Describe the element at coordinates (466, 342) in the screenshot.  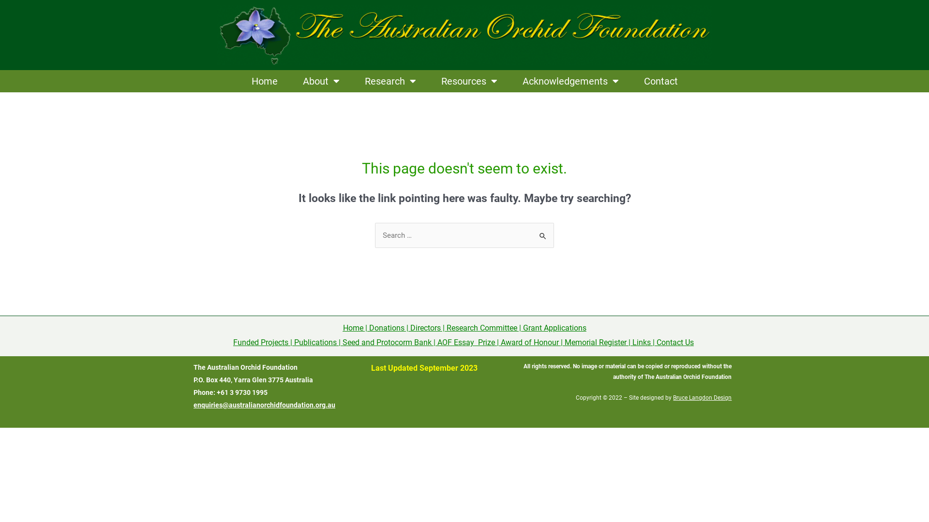
I see `'AOF Essay  Prize'` at that location.